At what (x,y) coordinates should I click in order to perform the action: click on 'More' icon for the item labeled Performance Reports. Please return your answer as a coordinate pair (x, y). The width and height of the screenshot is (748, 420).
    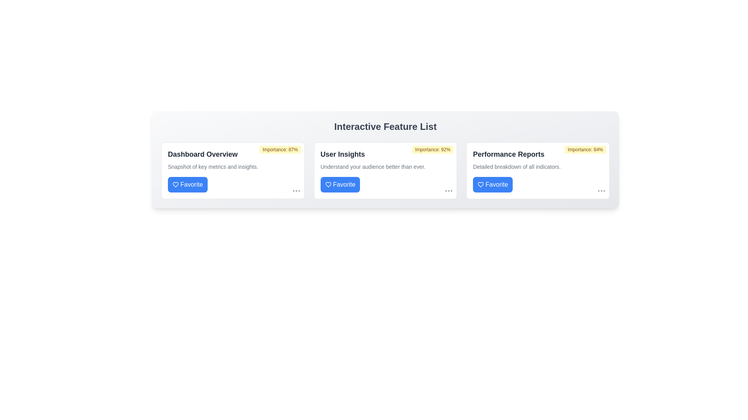
    Looking at the image, I should click on (601, 191).